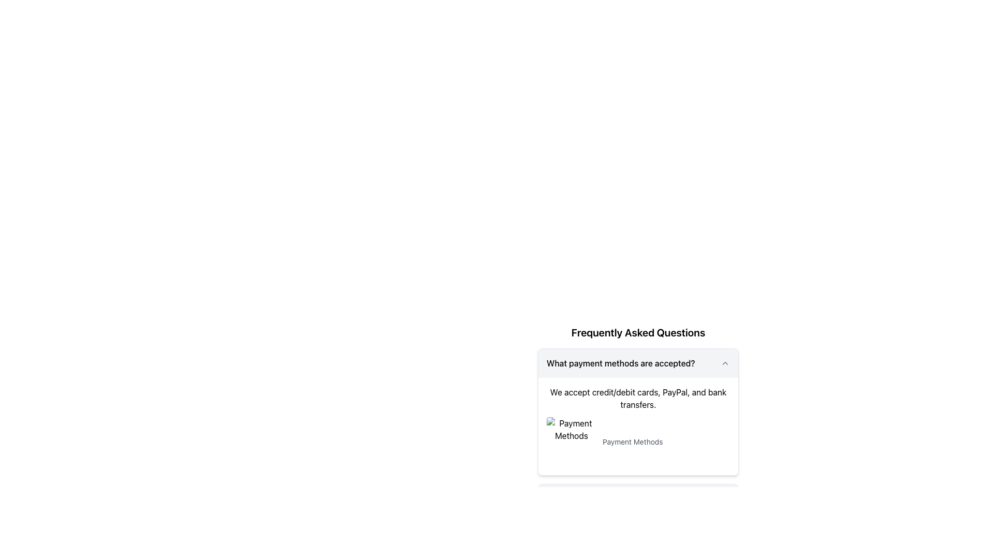  What do you see at coordinates (725, 363) in the screenshot?
I see `the Icon (Chevron Up) next to the text 'What payment methods are accepted?'` at bounding box center [725, 363].